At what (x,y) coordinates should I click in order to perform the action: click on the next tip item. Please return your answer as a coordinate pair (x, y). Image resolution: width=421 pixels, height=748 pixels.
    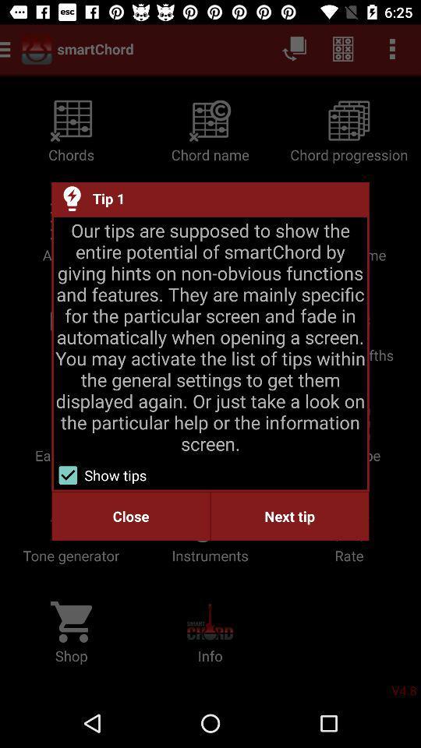
    Looking at the image, I should click on (288, 516).